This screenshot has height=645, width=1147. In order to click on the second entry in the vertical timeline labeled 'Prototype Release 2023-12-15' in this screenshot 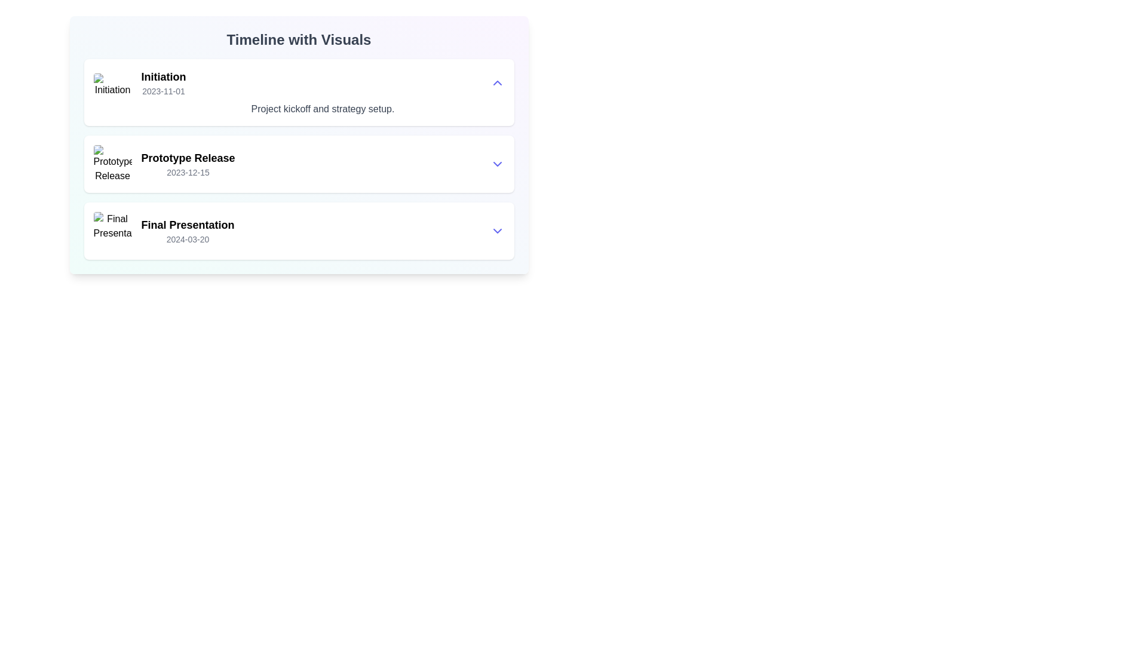, I will do `click(323, 164)`.